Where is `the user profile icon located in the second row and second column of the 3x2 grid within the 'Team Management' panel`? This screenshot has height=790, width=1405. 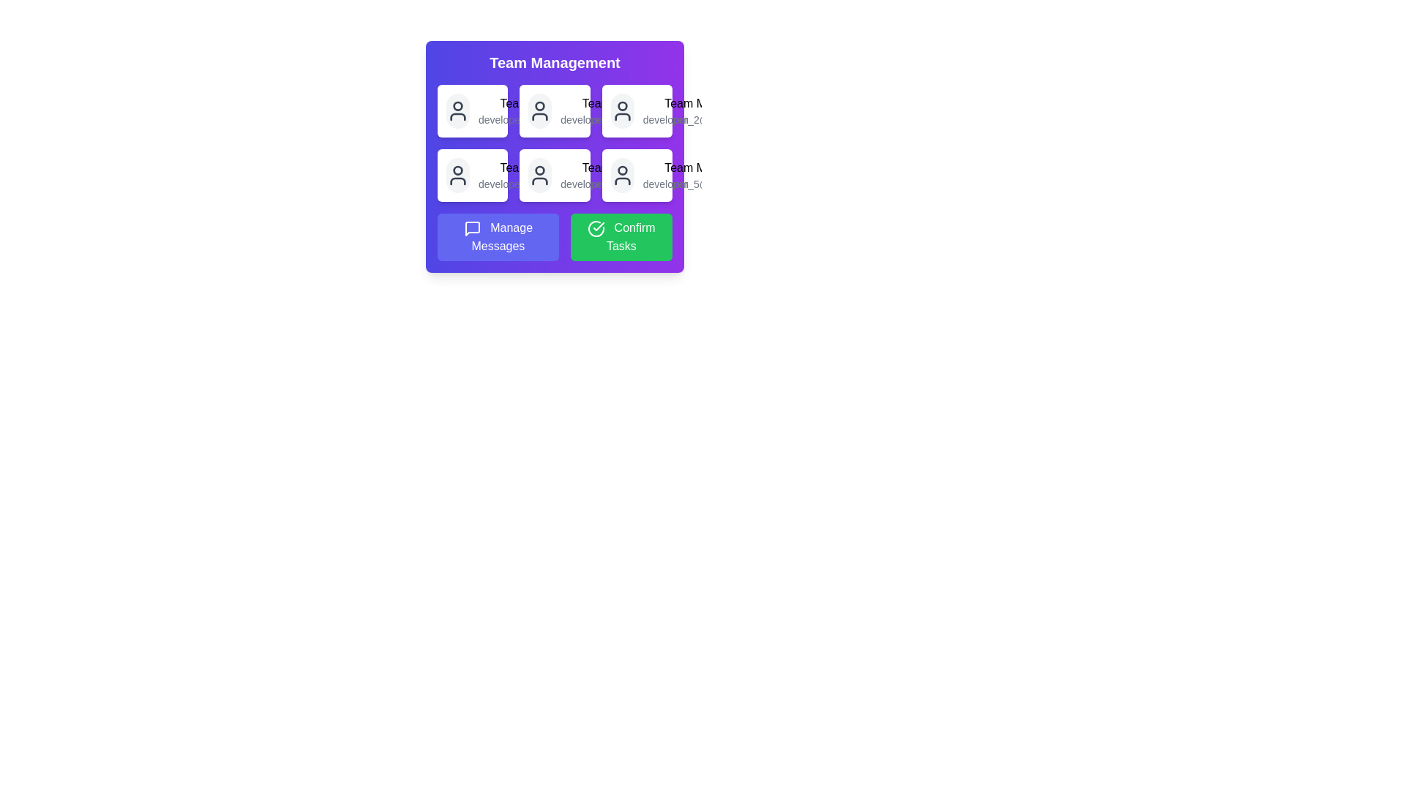 the user profile icon located in the second row and second column of the 3x2 grid within the 'Team Management' panel is located at coordinates (539, 174).